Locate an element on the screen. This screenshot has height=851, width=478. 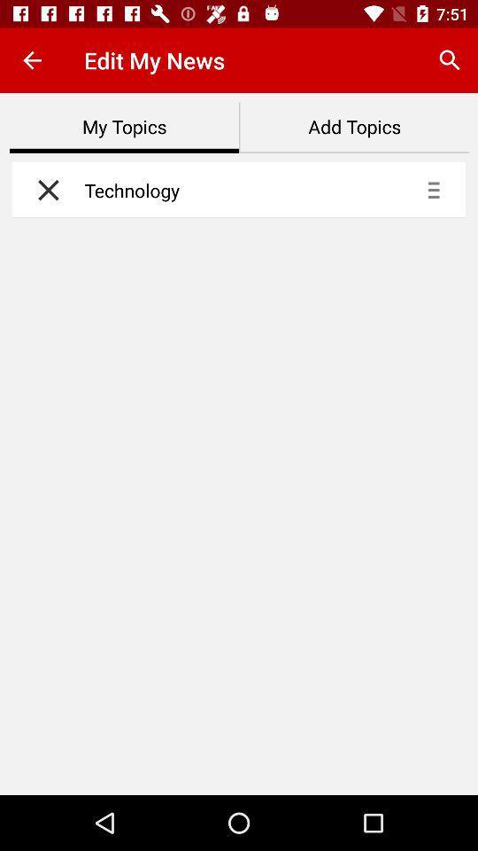
remove topic is located at coordinates (43, 190).